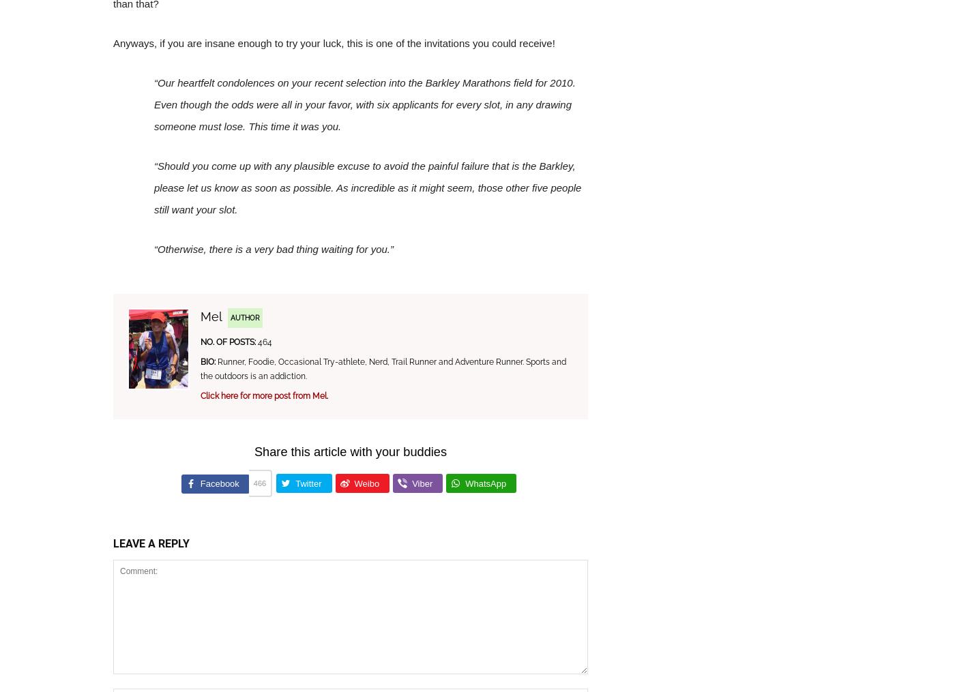 The width and height of the screenshot is (955, 692). What do you see at coordinates (364, 104) in the screenshot?
I see `'“Our heartfelt condolences on your recent selection into the Barkley Marathons field for 2010. Even though the odds were all in your favor, with six applicants for every slot, in any drawing someone must lose. This time it was you.'` at bounding box center [364, 104].